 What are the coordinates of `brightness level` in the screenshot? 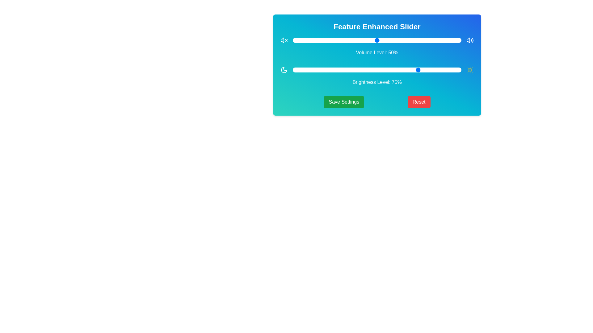 It's located at (460, 70).